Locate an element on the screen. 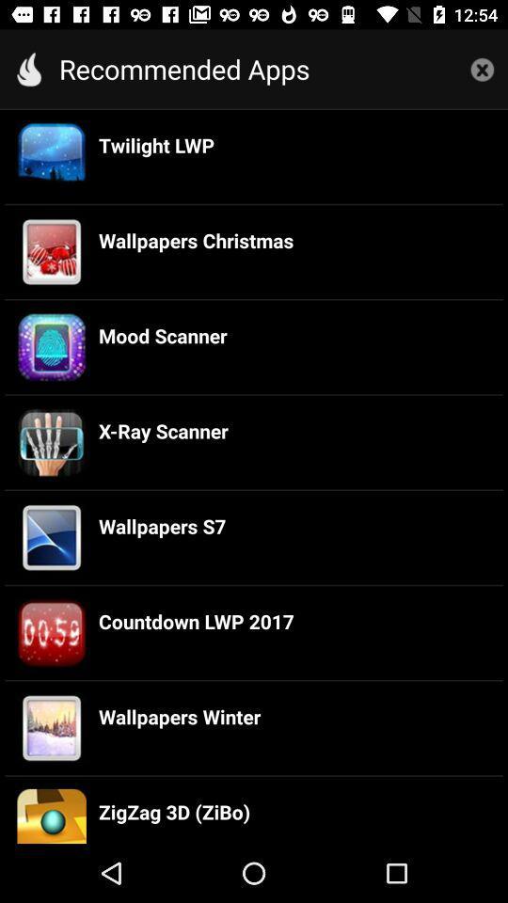  the icon left to xray scanner is located at coordinates (52, 442).